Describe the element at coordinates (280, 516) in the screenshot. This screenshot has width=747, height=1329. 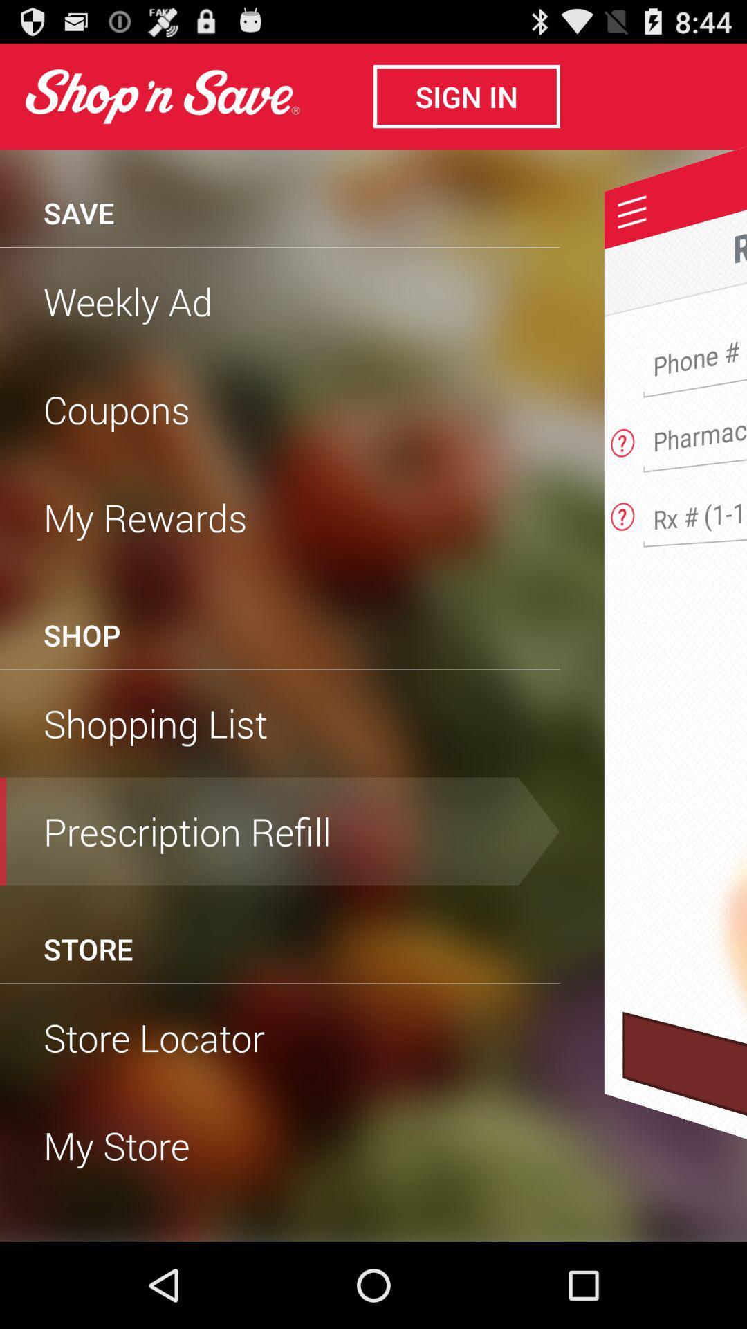
I see `the icon below coupons icon` at that location.